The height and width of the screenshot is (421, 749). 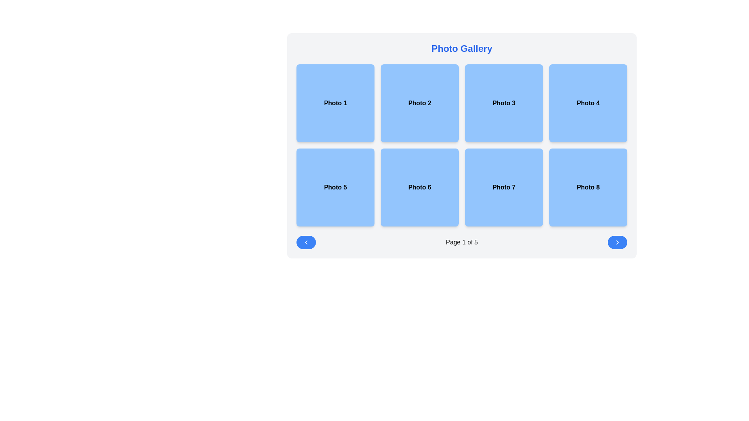 What do you see at coordinates (504, 188) in the screenshot?
I see `the static label or button labeled 'Photo 7', which is a blue square-shaped element with rounded corners and centered black text` at bounding box center [504, 188].